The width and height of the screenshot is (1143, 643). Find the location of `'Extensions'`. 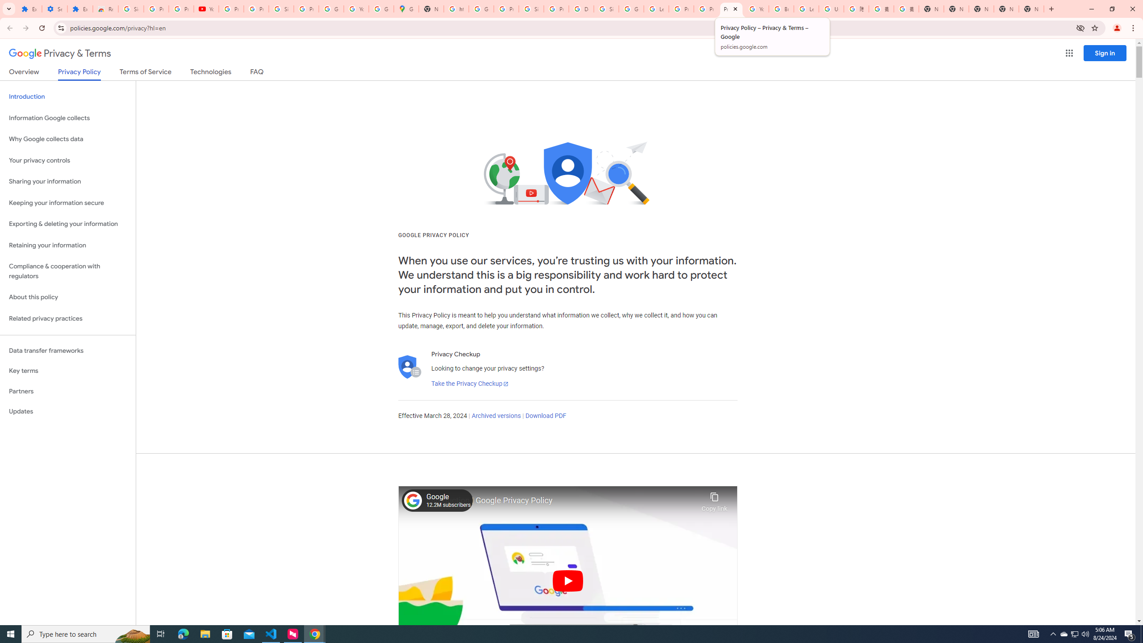

'Extensions' is located at coordinates (29, 8).